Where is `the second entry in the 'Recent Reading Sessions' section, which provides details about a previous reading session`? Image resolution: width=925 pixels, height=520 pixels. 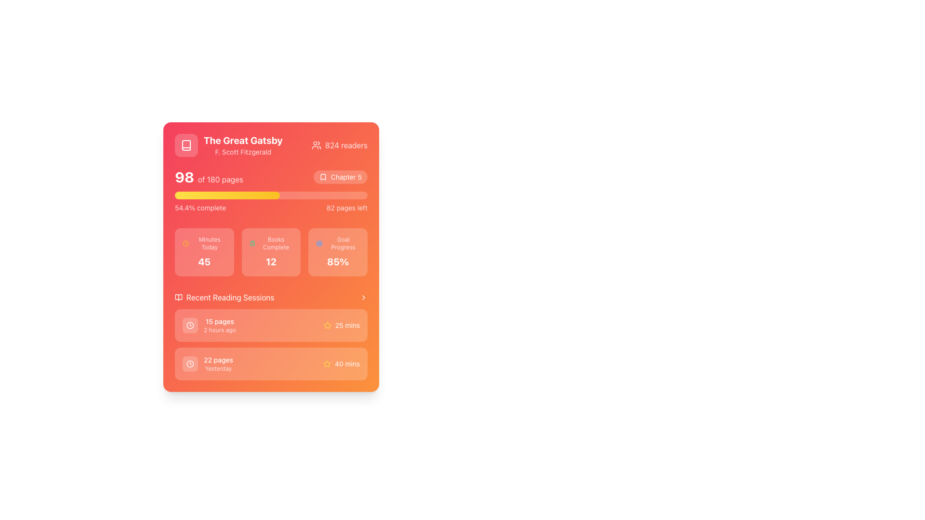
the second entry in the 'Recent Reading Sessions' section, which provides details about a previous reading session is located at coordinates (270, 364).